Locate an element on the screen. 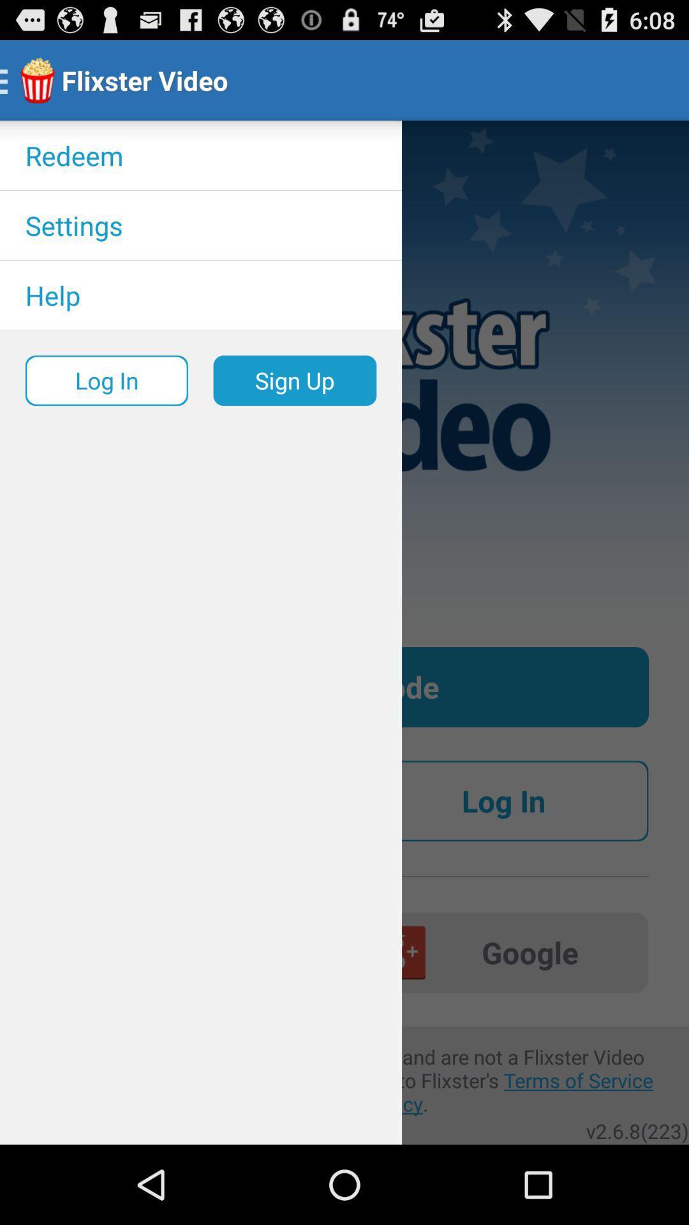 This screenshot has height=1225, width=689. sign up is located at coordinates (295, 380).